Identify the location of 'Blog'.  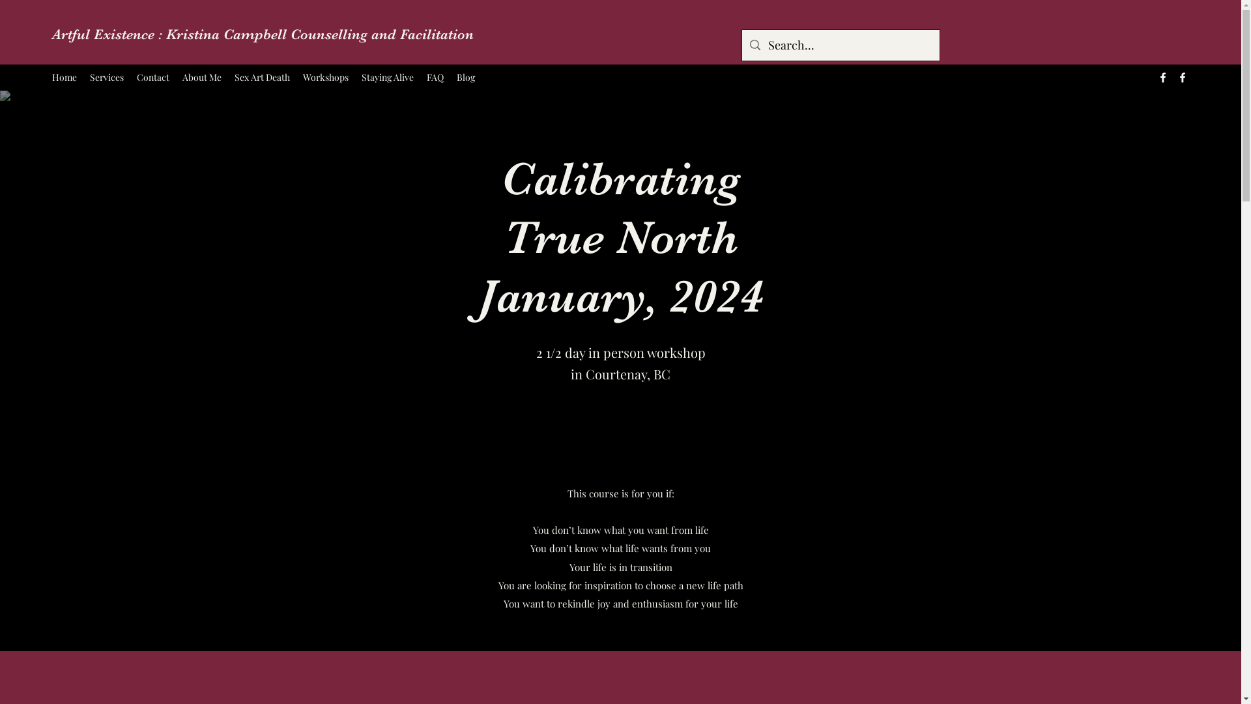
(466, 78).